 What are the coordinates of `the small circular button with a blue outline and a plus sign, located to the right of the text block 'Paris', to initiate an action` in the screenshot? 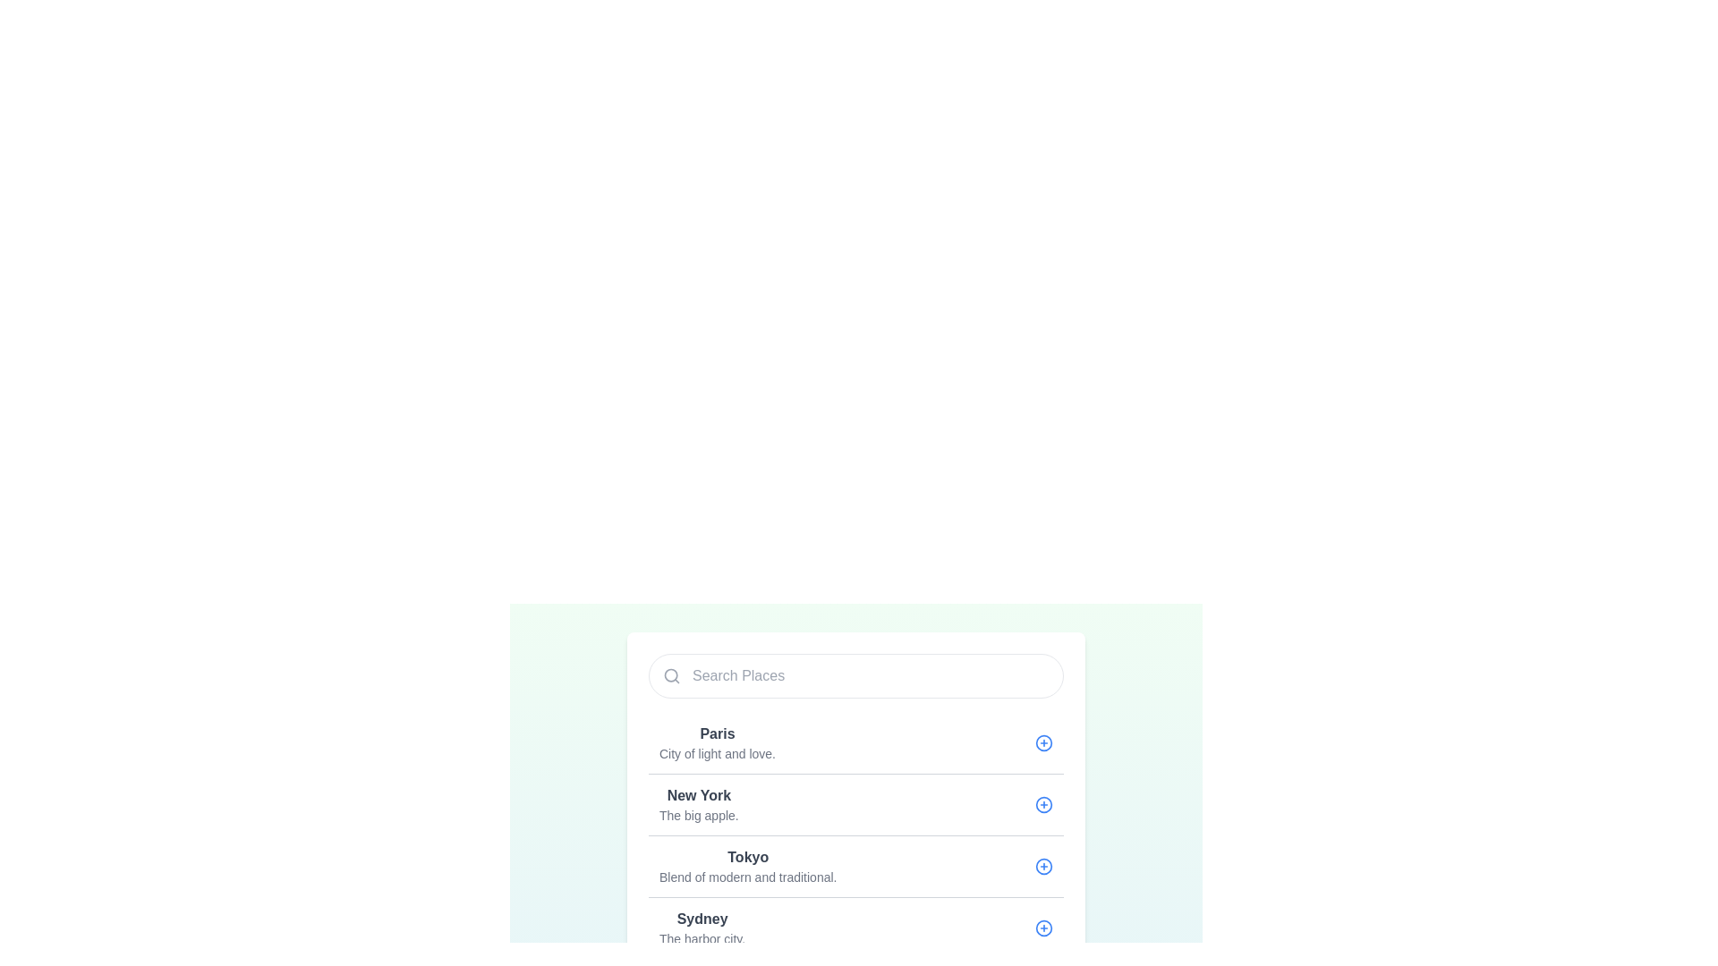 It's located at (1043, 742).